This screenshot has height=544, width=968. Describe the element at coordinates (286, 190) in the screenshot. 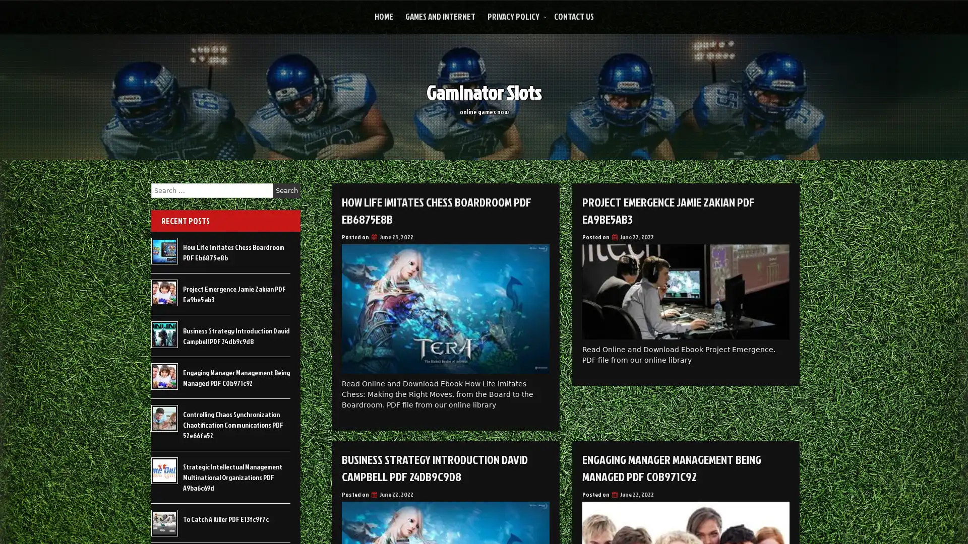

I see `Search` at that location.